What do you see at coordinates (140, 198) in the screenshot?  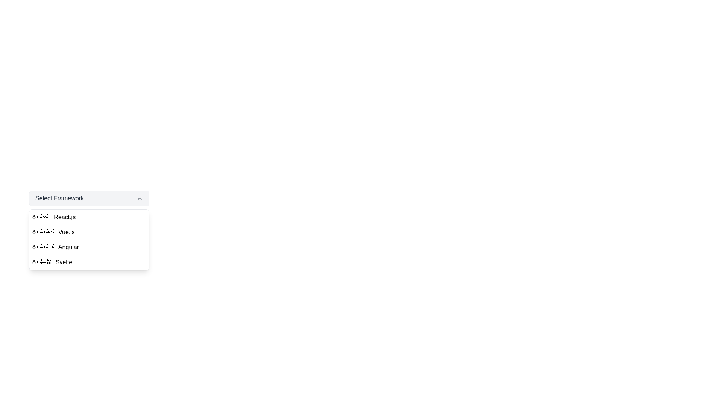 I see `the upward chevron icon located at the far-right side of the dropdown menu header labeled 'Select Framework'` at bounding box center [140, 198].